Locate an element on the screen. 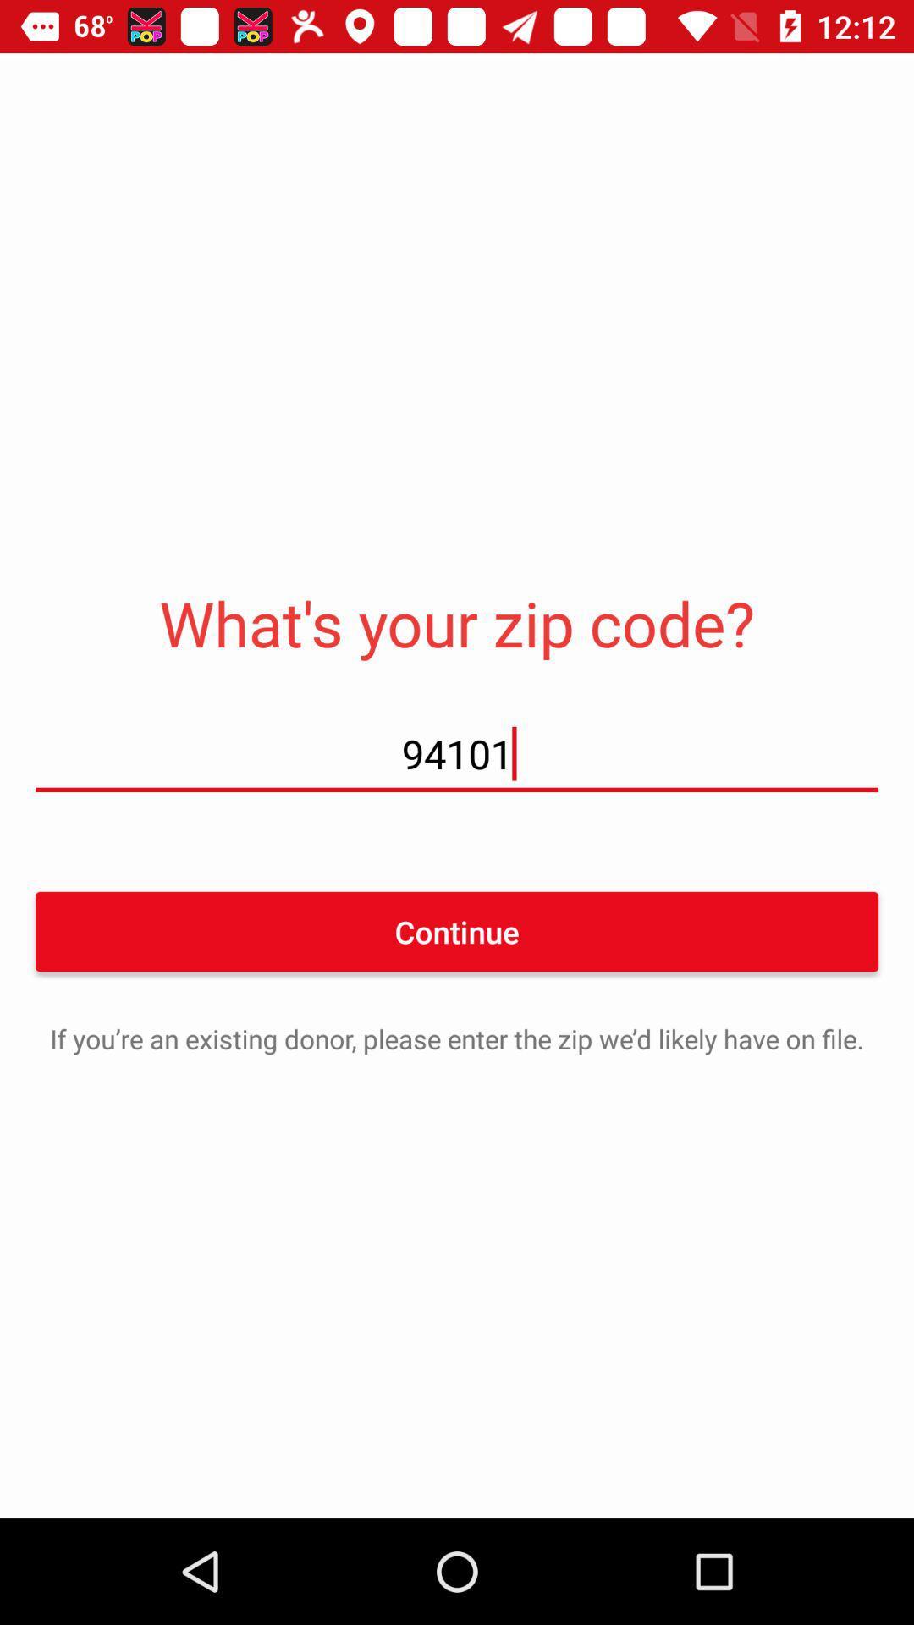 This screenshot has height=1625, width=914. the item below what s your icon is located at coordinates (457, 752).